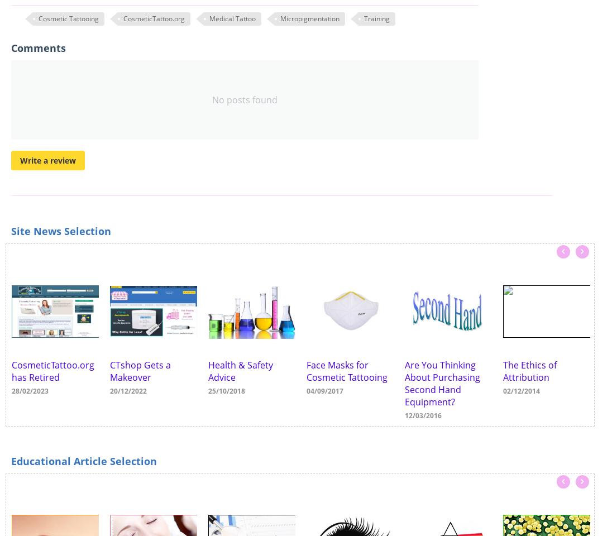  What do you see at coordinates (52, 371) in the screenshot?
I see `'CosmeticTattoo.org has Retired'` at bounding box center [52, 371].